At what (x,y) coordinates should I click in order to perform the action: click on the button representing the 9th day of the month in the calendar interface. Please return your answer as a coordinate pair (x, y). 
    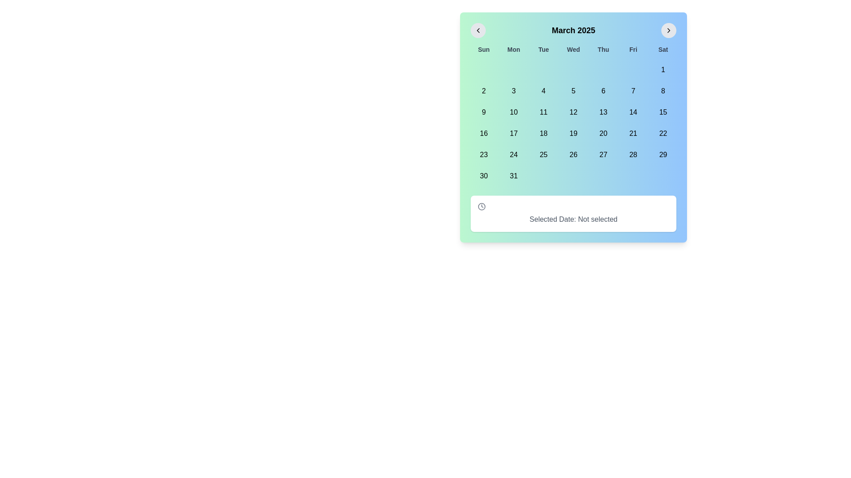
    Looking at the image, I should click on (483, 112).